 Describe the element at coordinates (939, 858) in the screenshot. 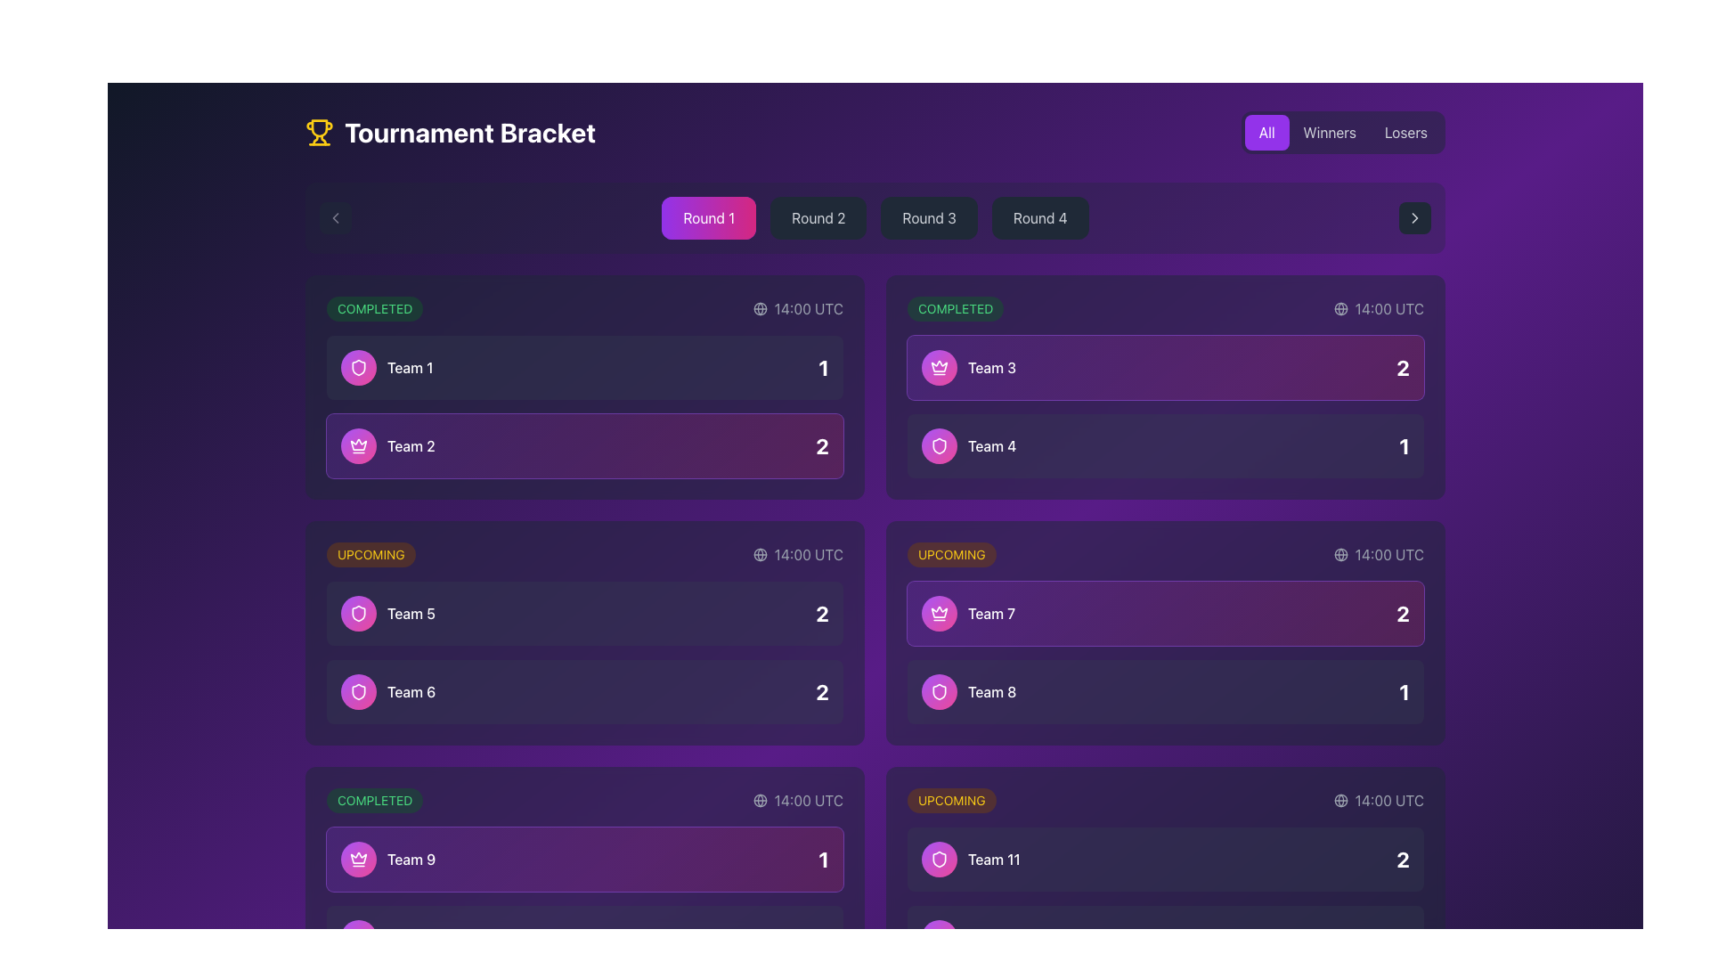

I see `the icon representing 'Team 8', located to the left of the text 'Team 8' in the 'Upcoming' section` at that location.